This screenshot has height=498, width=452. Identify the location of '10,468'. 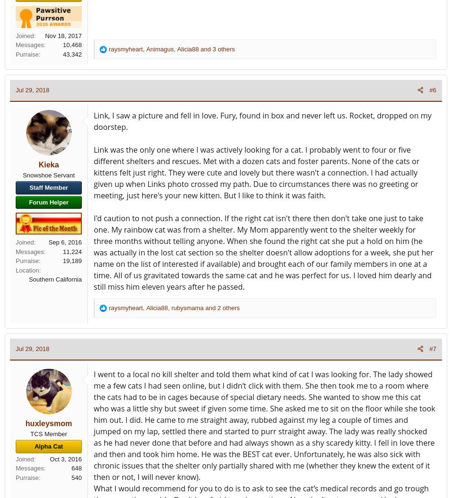
(62, 45).